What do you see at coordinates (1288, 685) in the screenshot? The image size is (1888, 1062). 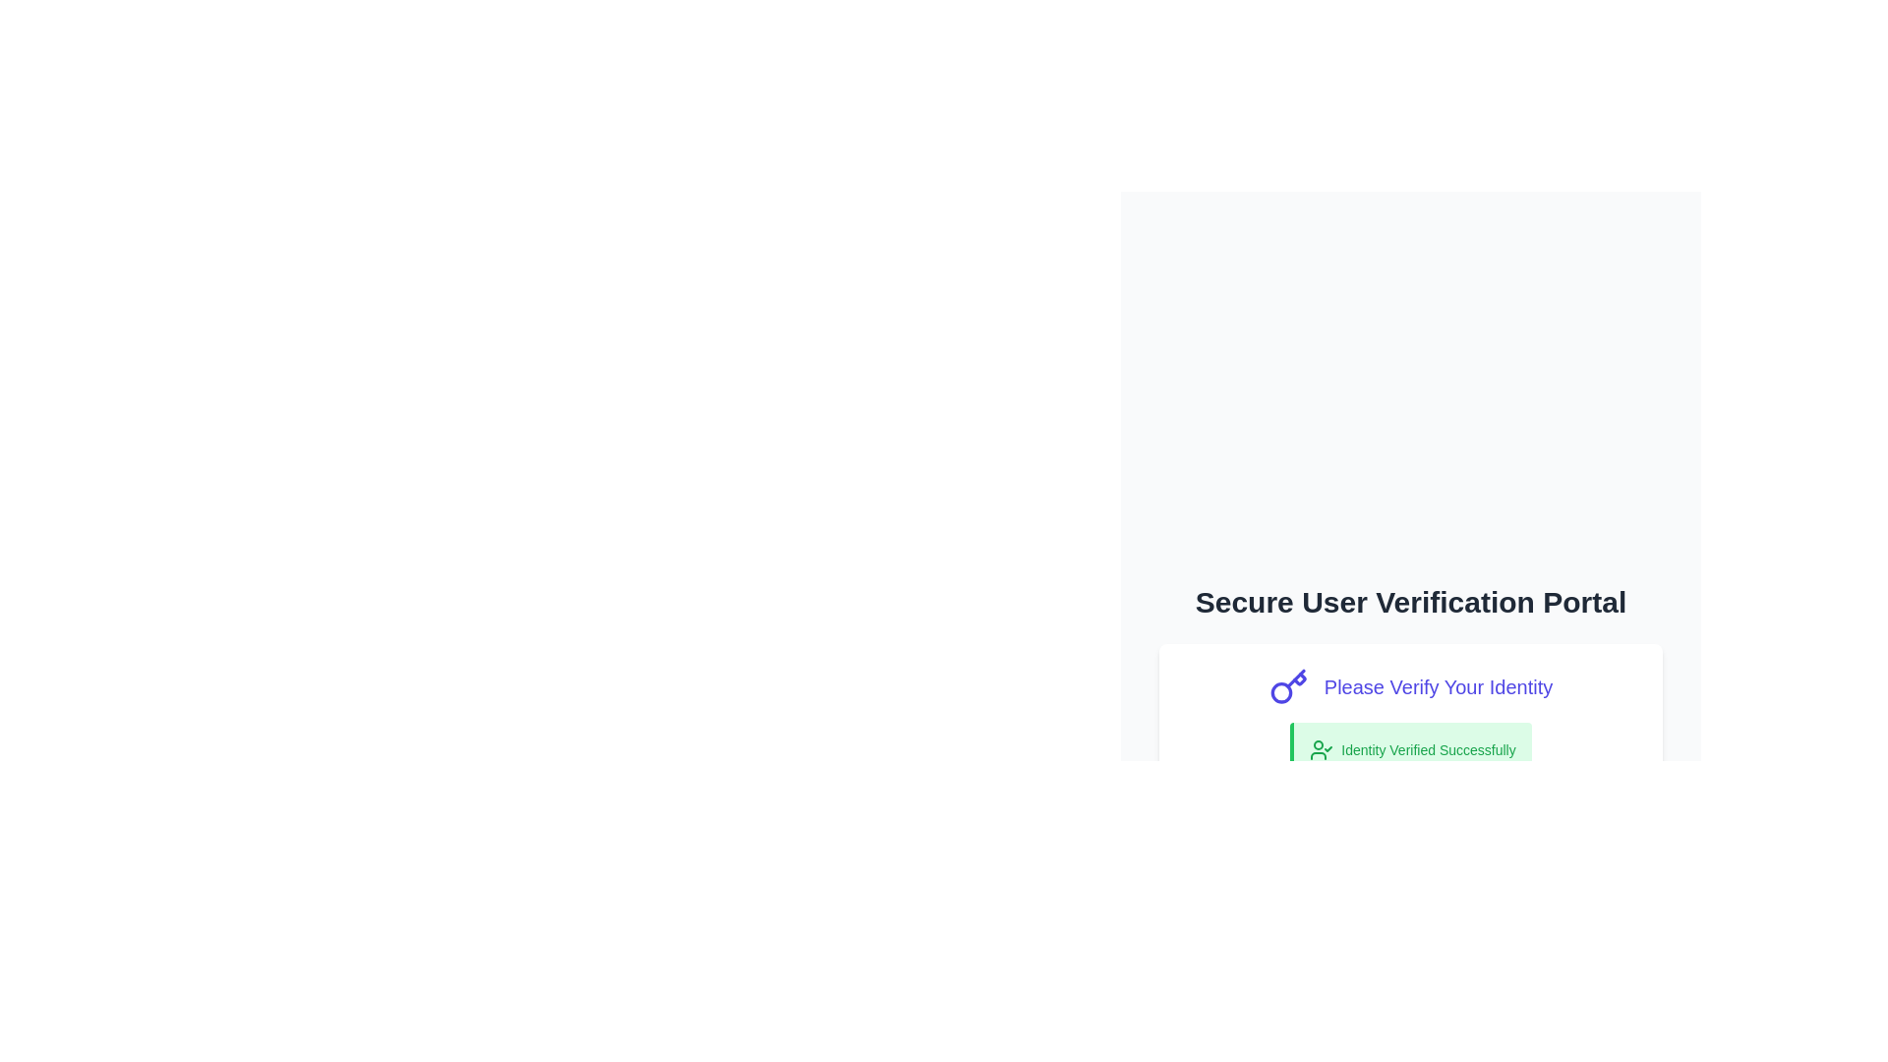 I see `the decorative icon associated with the text 'Please Verify Your Identity' located to the left of the text` at bounding box center [1288, 685].